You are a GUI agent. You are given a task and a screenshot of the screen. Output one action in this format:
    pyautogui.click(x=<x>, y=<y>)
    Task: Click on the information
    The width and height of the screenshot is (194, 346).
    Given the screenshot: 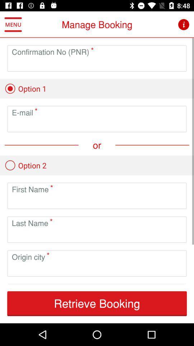 What is the action you would take?
    pyautogui.click(x=184, y=25)
    